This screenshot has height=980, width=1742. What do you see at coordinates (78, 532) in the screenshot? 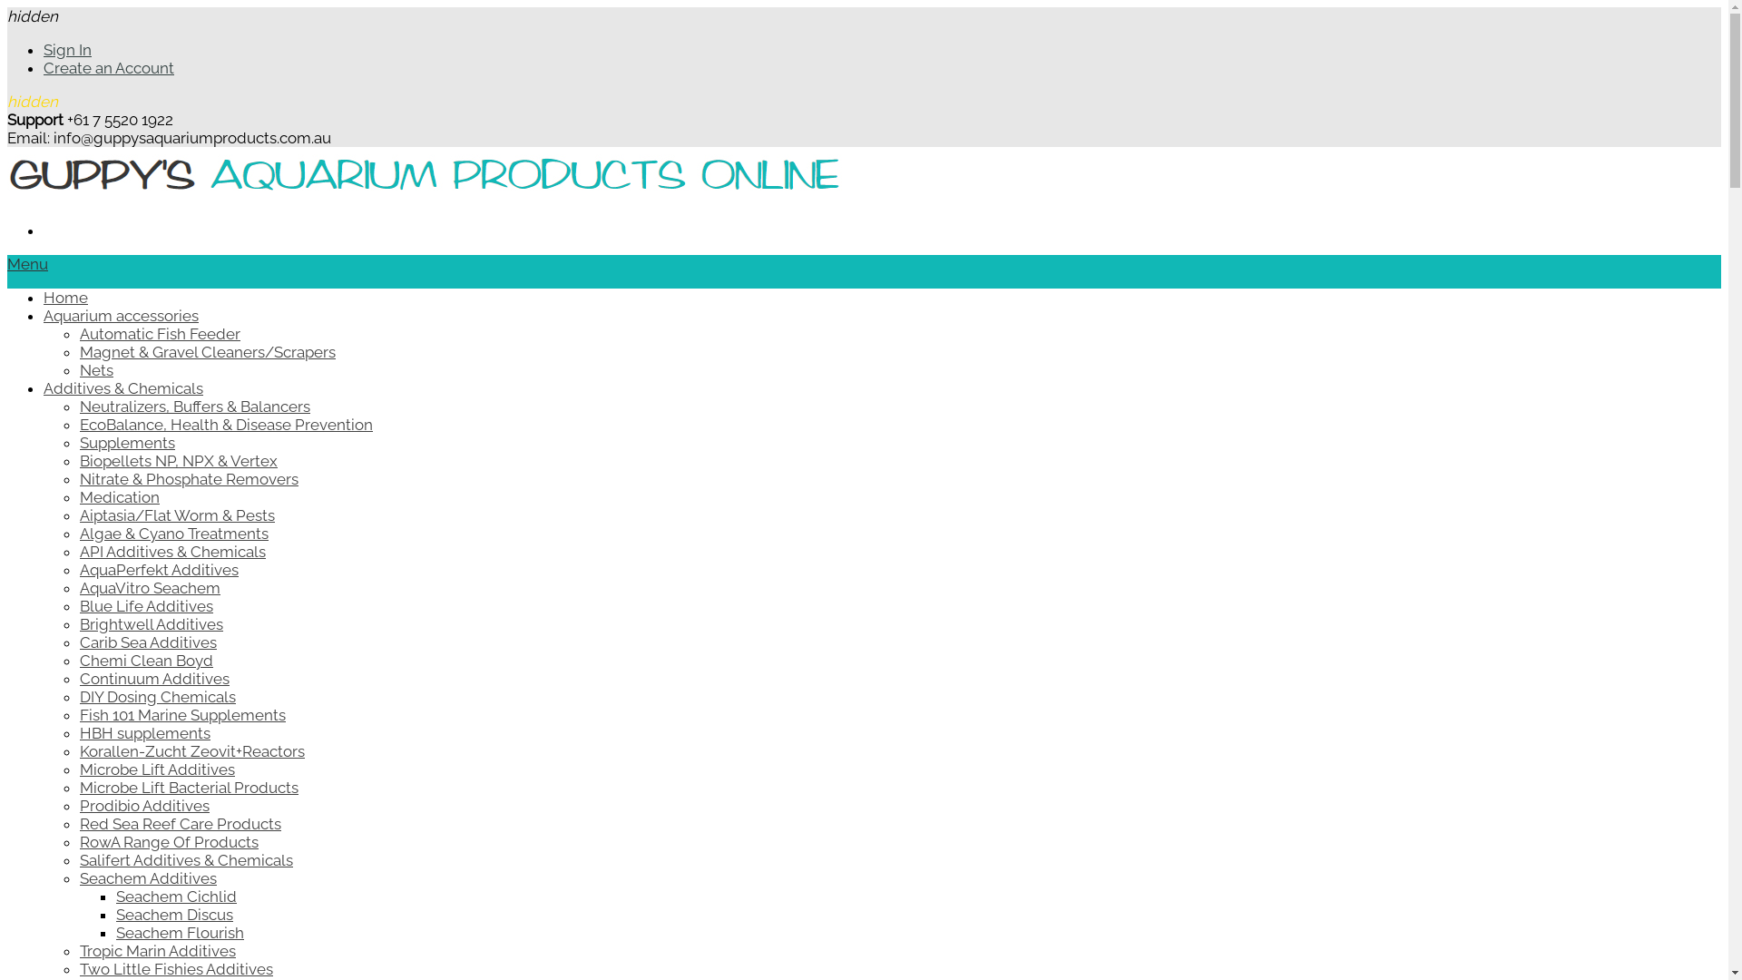
I see `'Algae & Cyano Treatments'` at bounding box center [78, 532].